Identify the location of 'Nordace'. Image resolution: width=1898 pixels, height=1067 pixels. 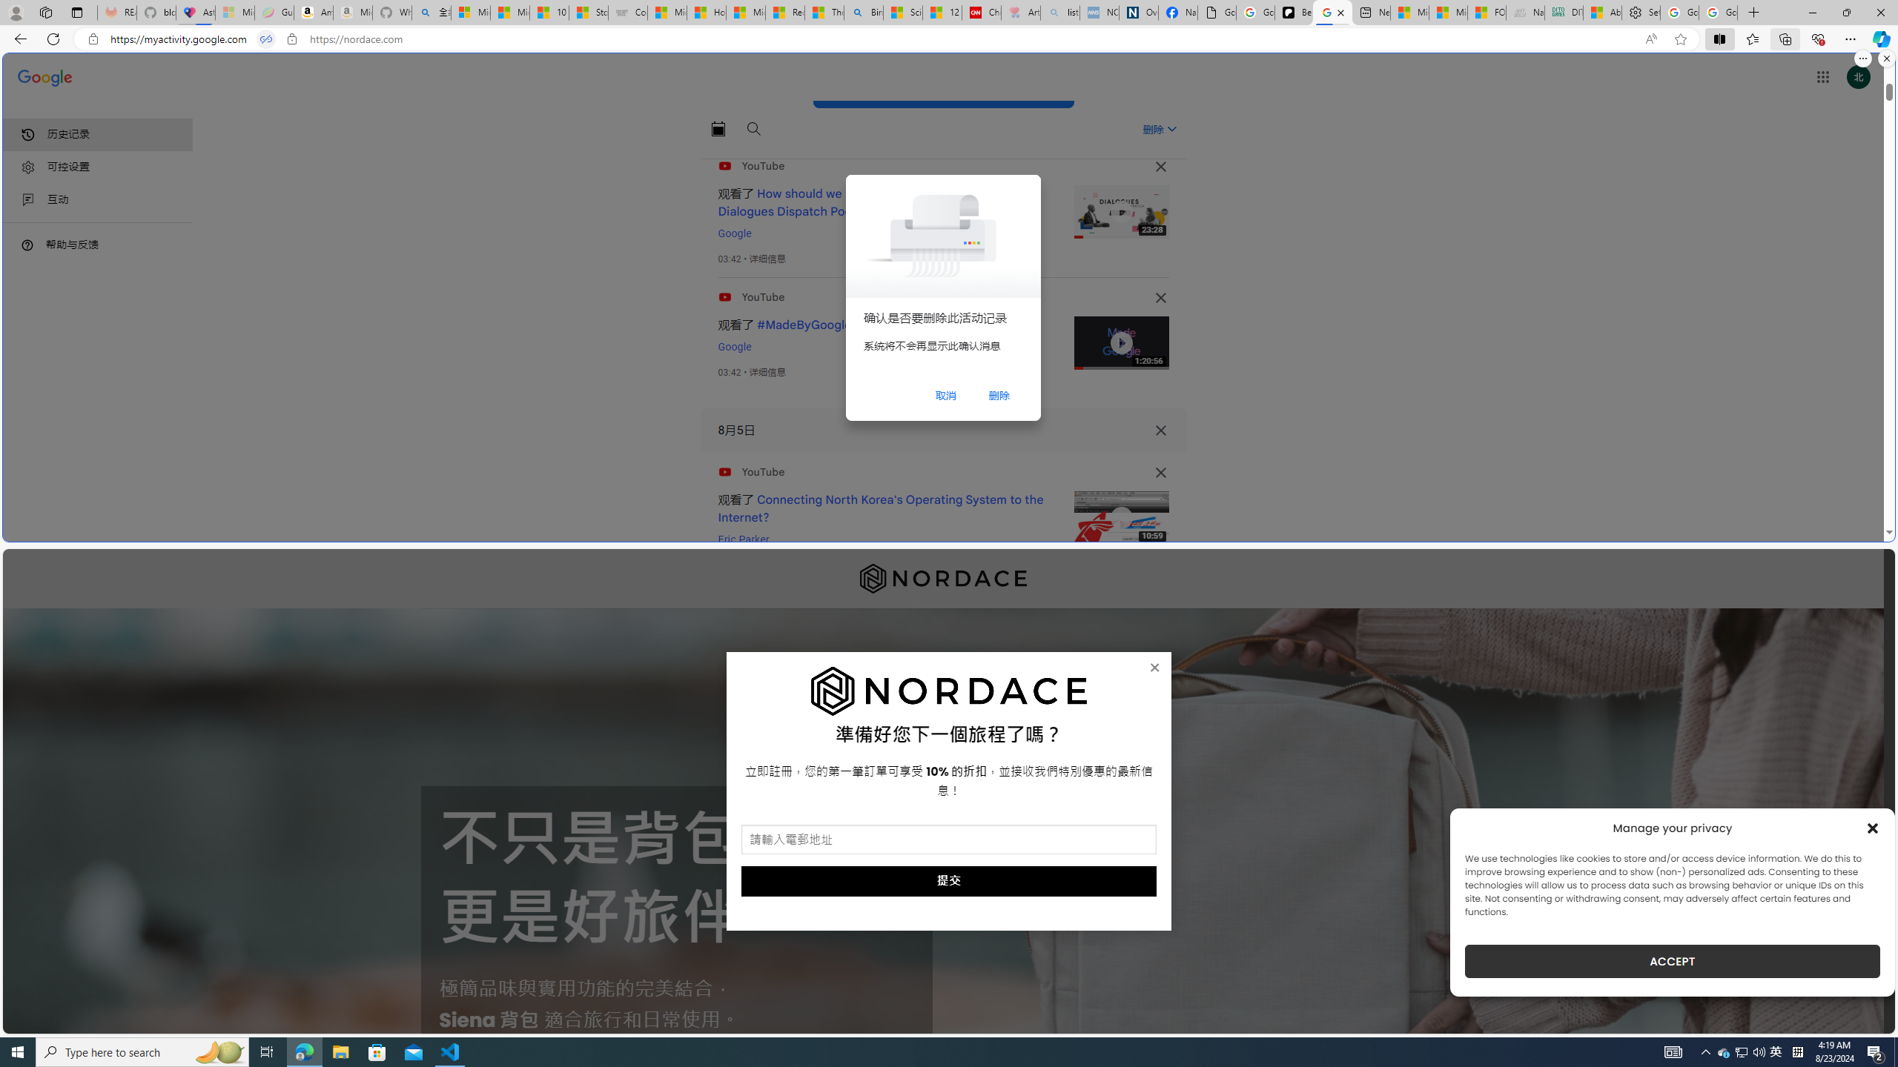
(942, 578).